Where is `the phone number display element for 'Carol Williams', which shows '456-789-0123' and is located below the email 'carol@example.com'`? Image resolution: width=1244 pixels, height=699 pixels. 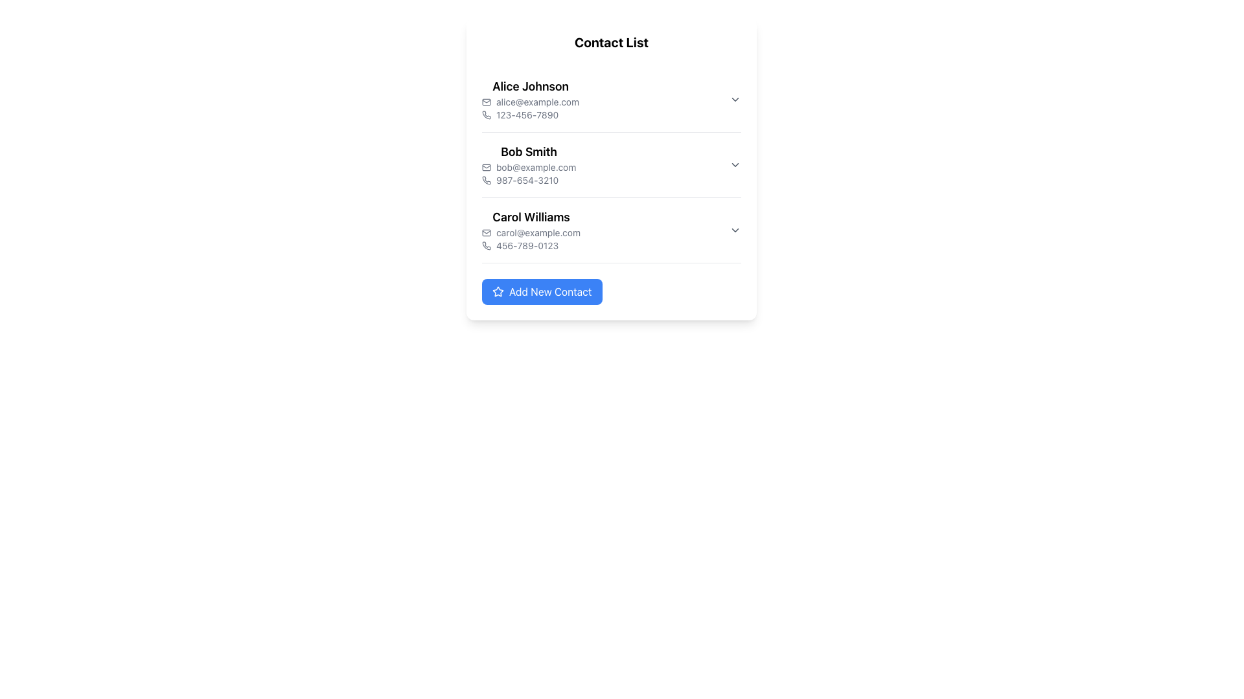
the phone number display element for 'Carol Williams', which shows '456-789-0123' and is located below the email 'carol@example.com' is located at coordinates (531, 246).